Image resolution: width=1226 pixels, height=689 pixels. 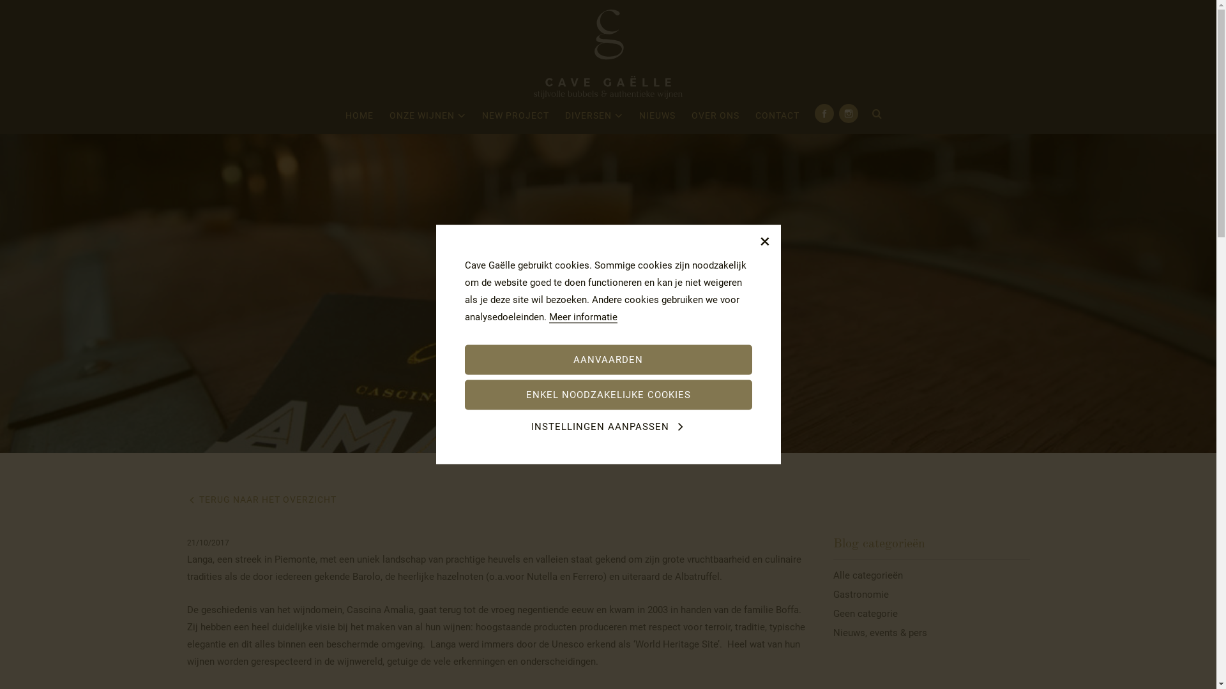 I want to click on 'CONTACT', so click(x=776, y=118).